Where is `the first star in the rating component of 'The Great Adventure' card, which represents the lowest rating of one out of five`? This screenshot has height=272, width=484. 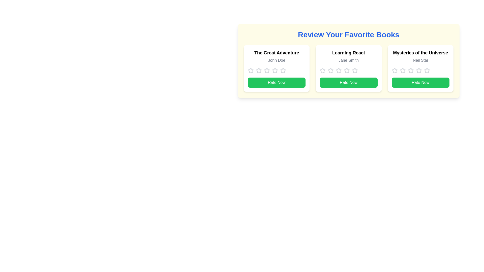
the first star in the rating component of 'The Great Adventure' card, which represents the lowest rating of one out of five is located at coordinates (251, 70).